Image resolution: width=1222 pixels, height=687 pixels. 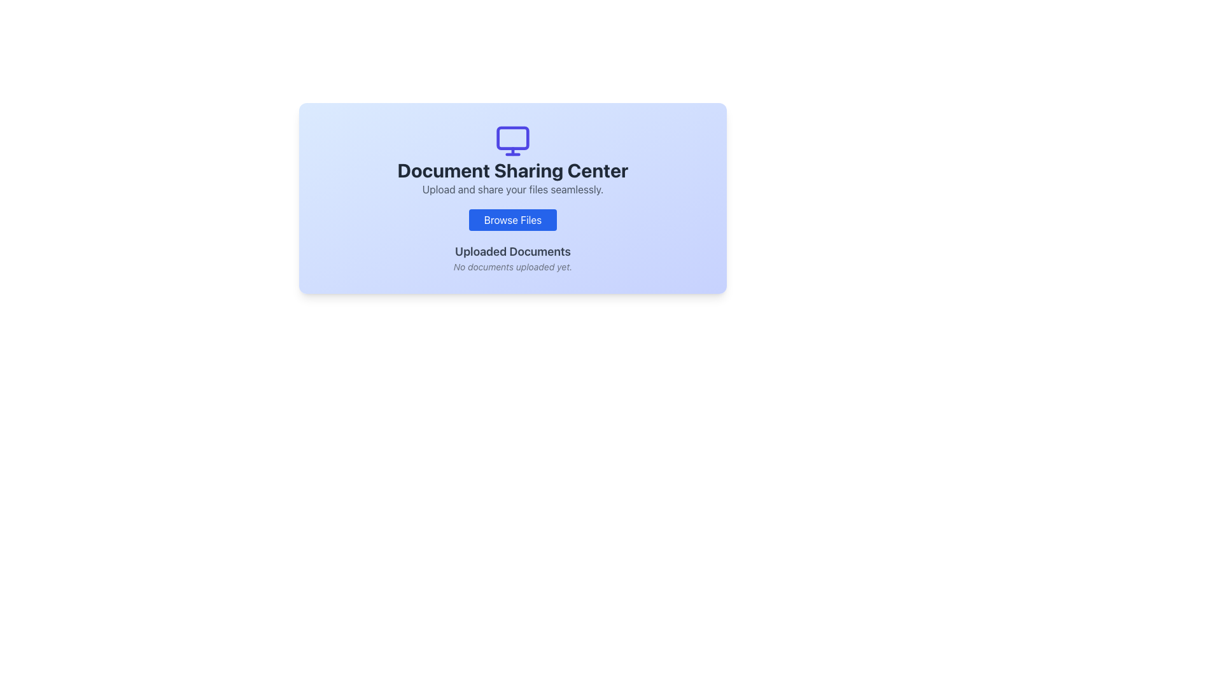 What do you see at coordinates (513, 267) in the screenshot?
I see `the text label indicating the absence of uploaded documents, located directly below the 'Uploaded Documents' heading` at bounding box center [513, 267].